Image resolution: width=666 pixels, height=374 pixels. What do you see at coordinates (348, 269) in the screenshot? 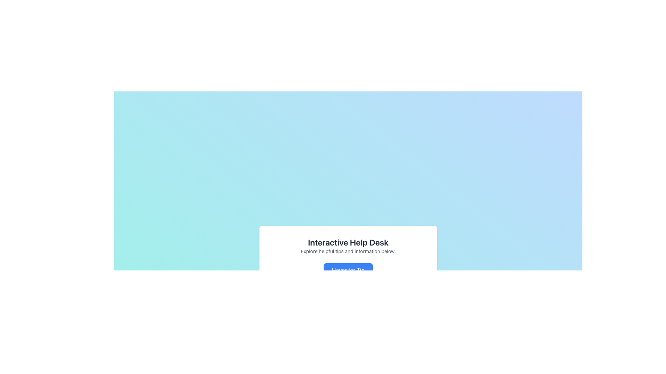
I see `the button located below the 'Interactive Help Desk' text and above the tooltip section to trigger a tooltip or visual change` at bounding box center [348, 269].